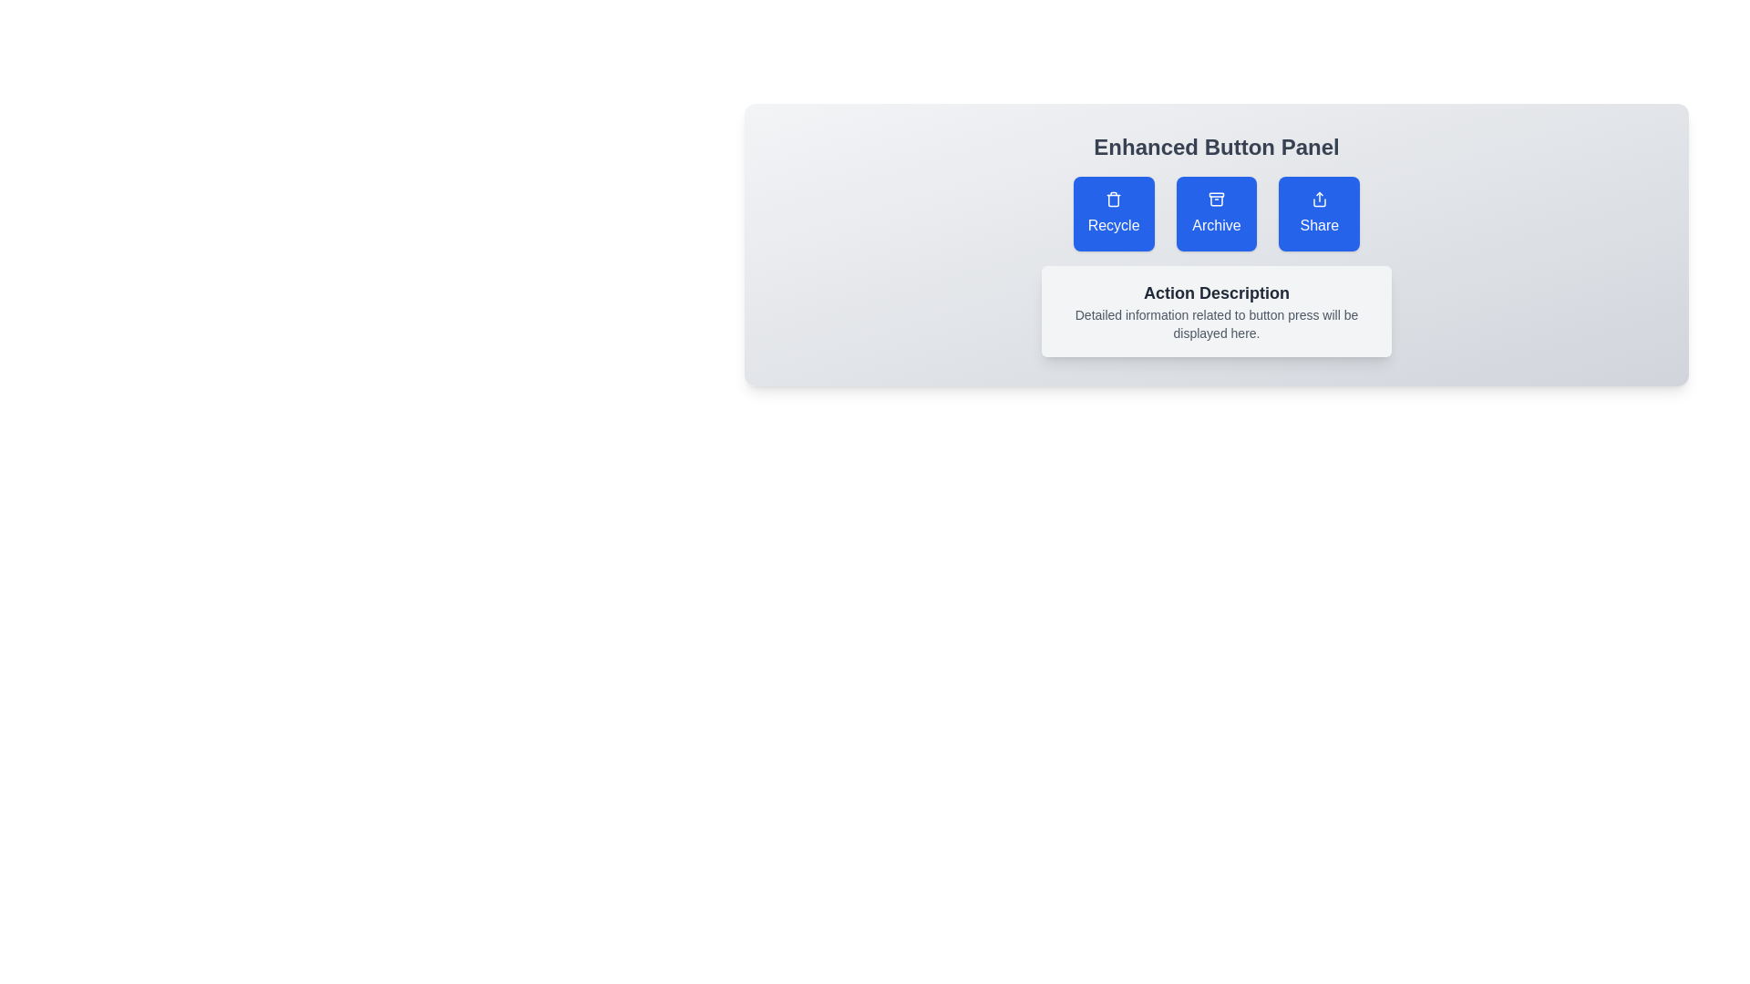  I want to click on the 'Share' button, so click(1319, 213).